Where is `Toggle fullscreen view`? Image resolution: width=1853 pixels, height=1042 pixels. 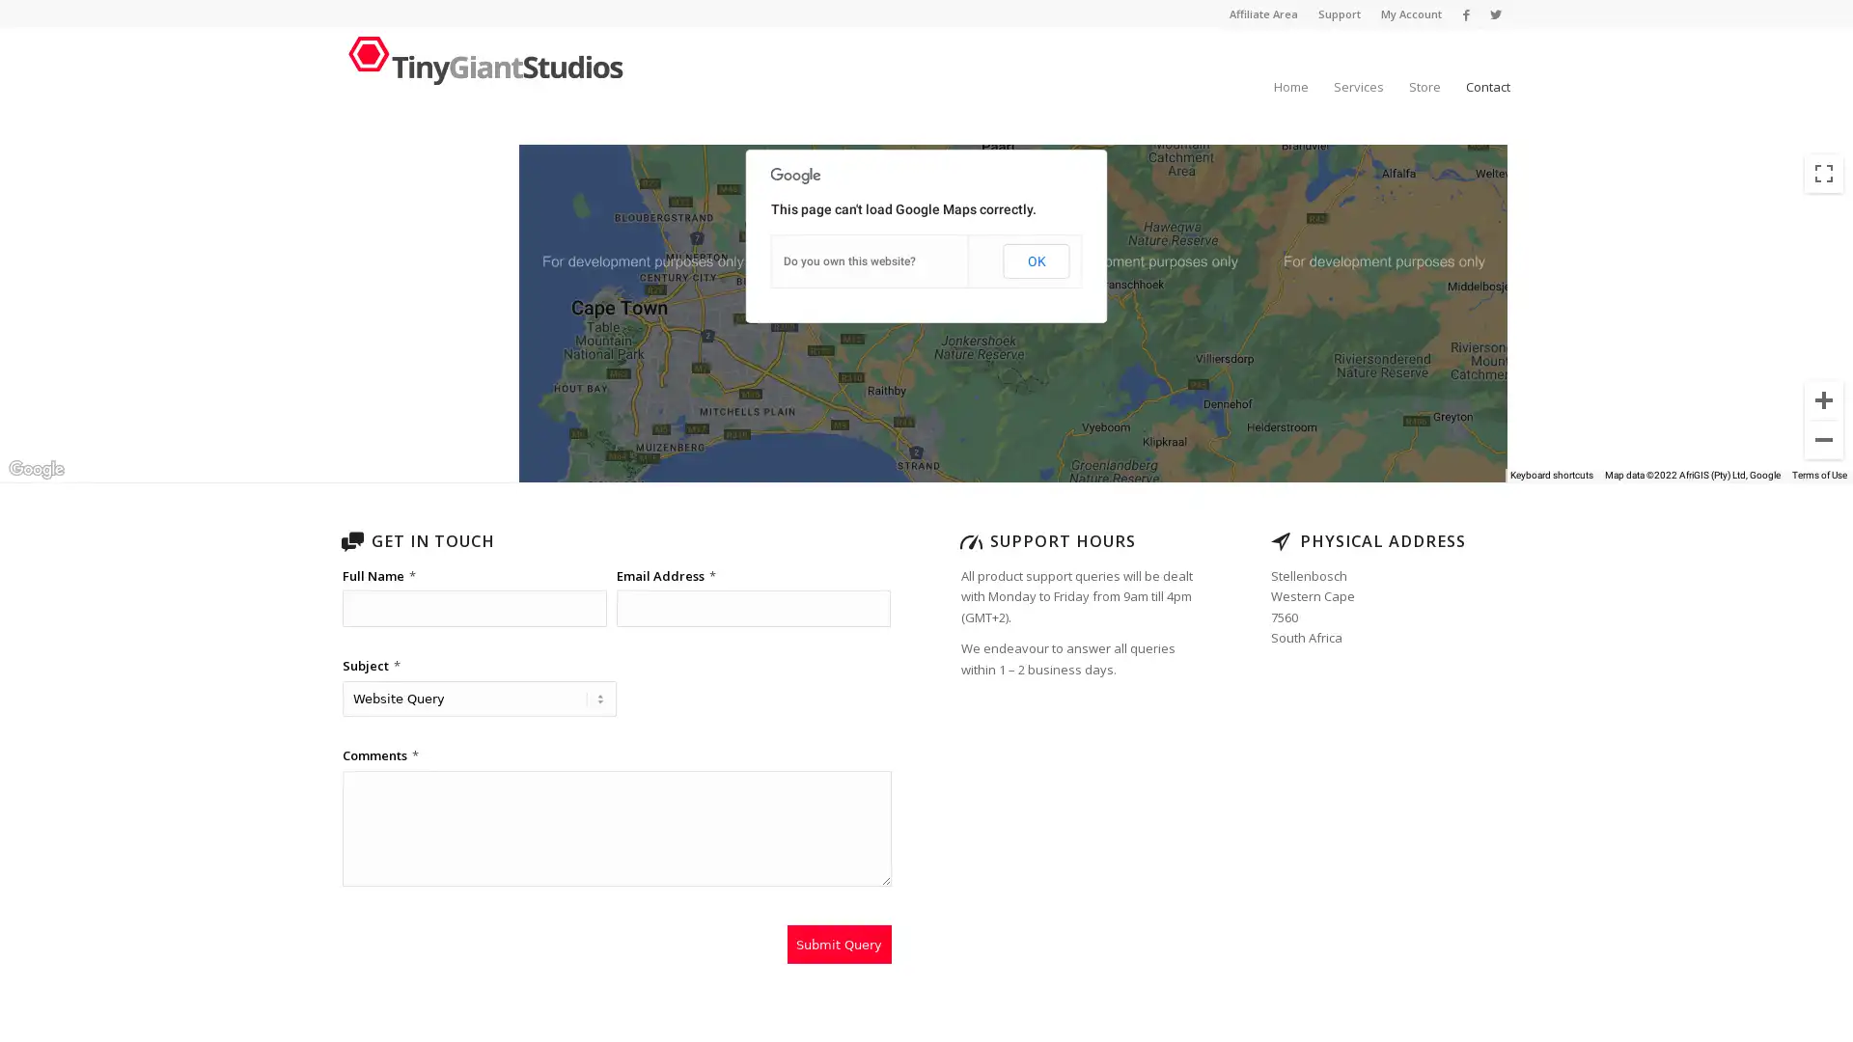 Toggle fullscreen view is located at coordinates (1823, 174).